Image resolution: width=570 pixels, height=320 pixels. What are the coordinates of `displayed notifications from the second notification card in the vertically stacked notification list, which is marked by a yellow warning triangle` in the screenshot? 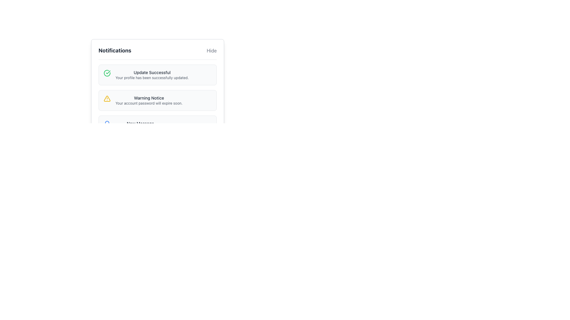 It's located at (158, 100).